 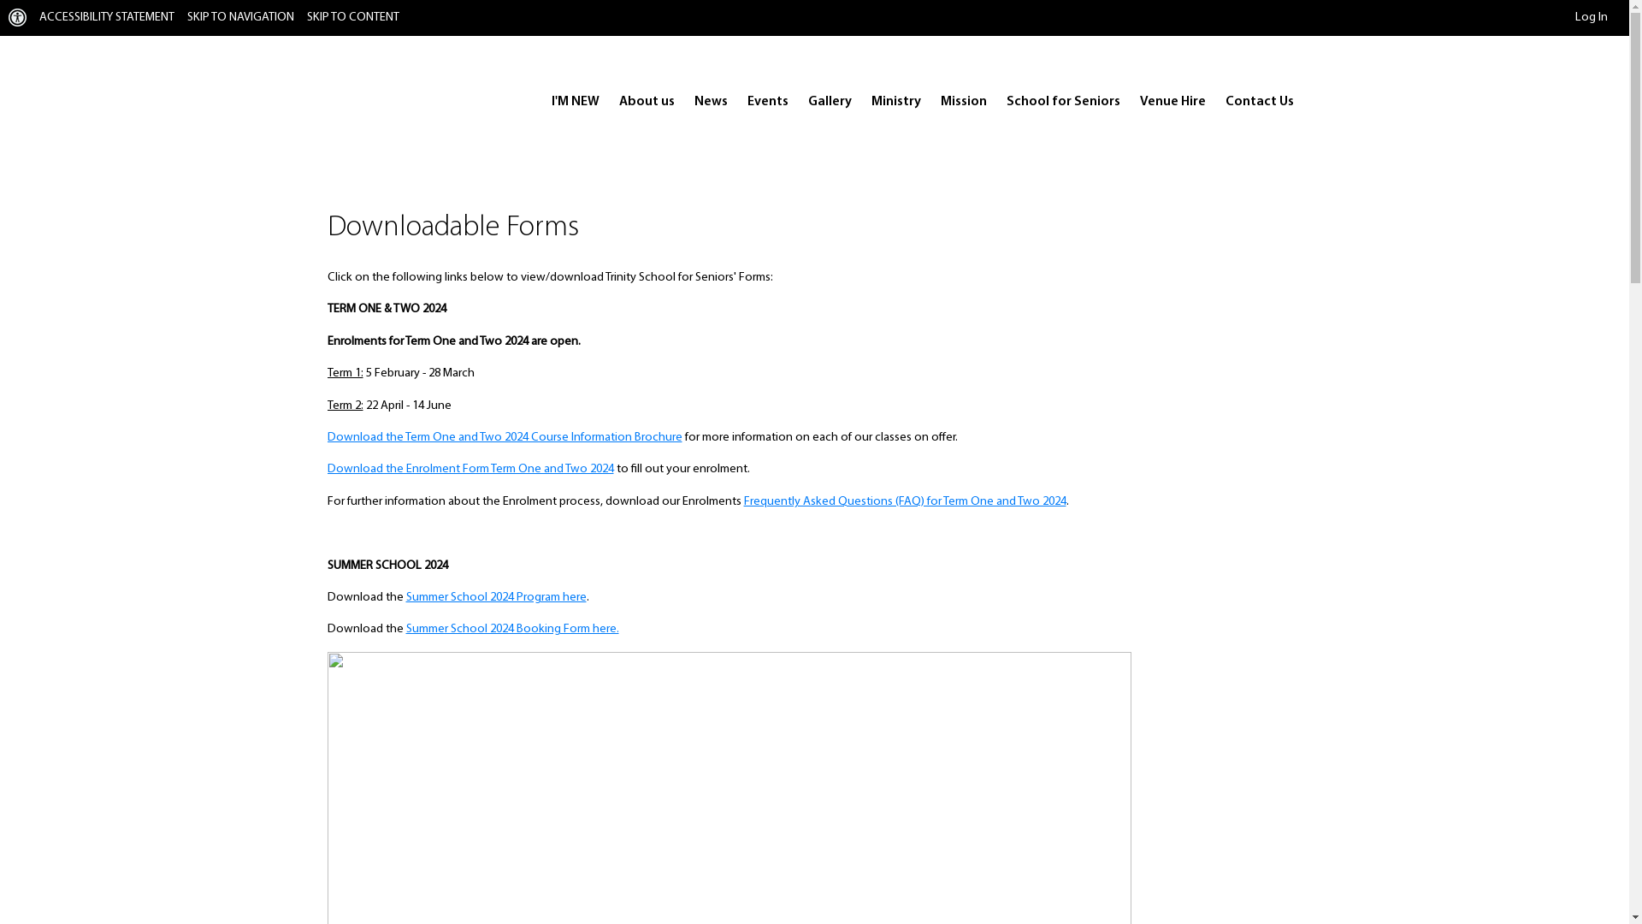 What do you see at coordinates (964, 102) in the screenshot?
I see `'Mission'` at bounding box center [964, 102].